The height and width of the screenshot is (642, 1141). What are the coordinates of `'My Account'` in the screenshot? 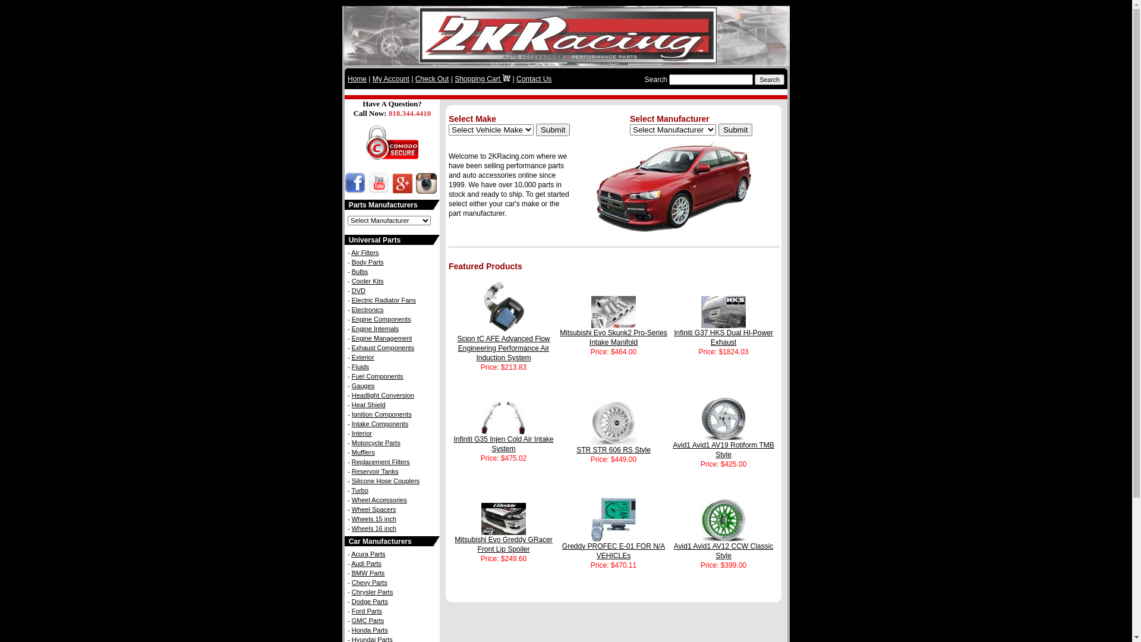 It's located at (372, 78).